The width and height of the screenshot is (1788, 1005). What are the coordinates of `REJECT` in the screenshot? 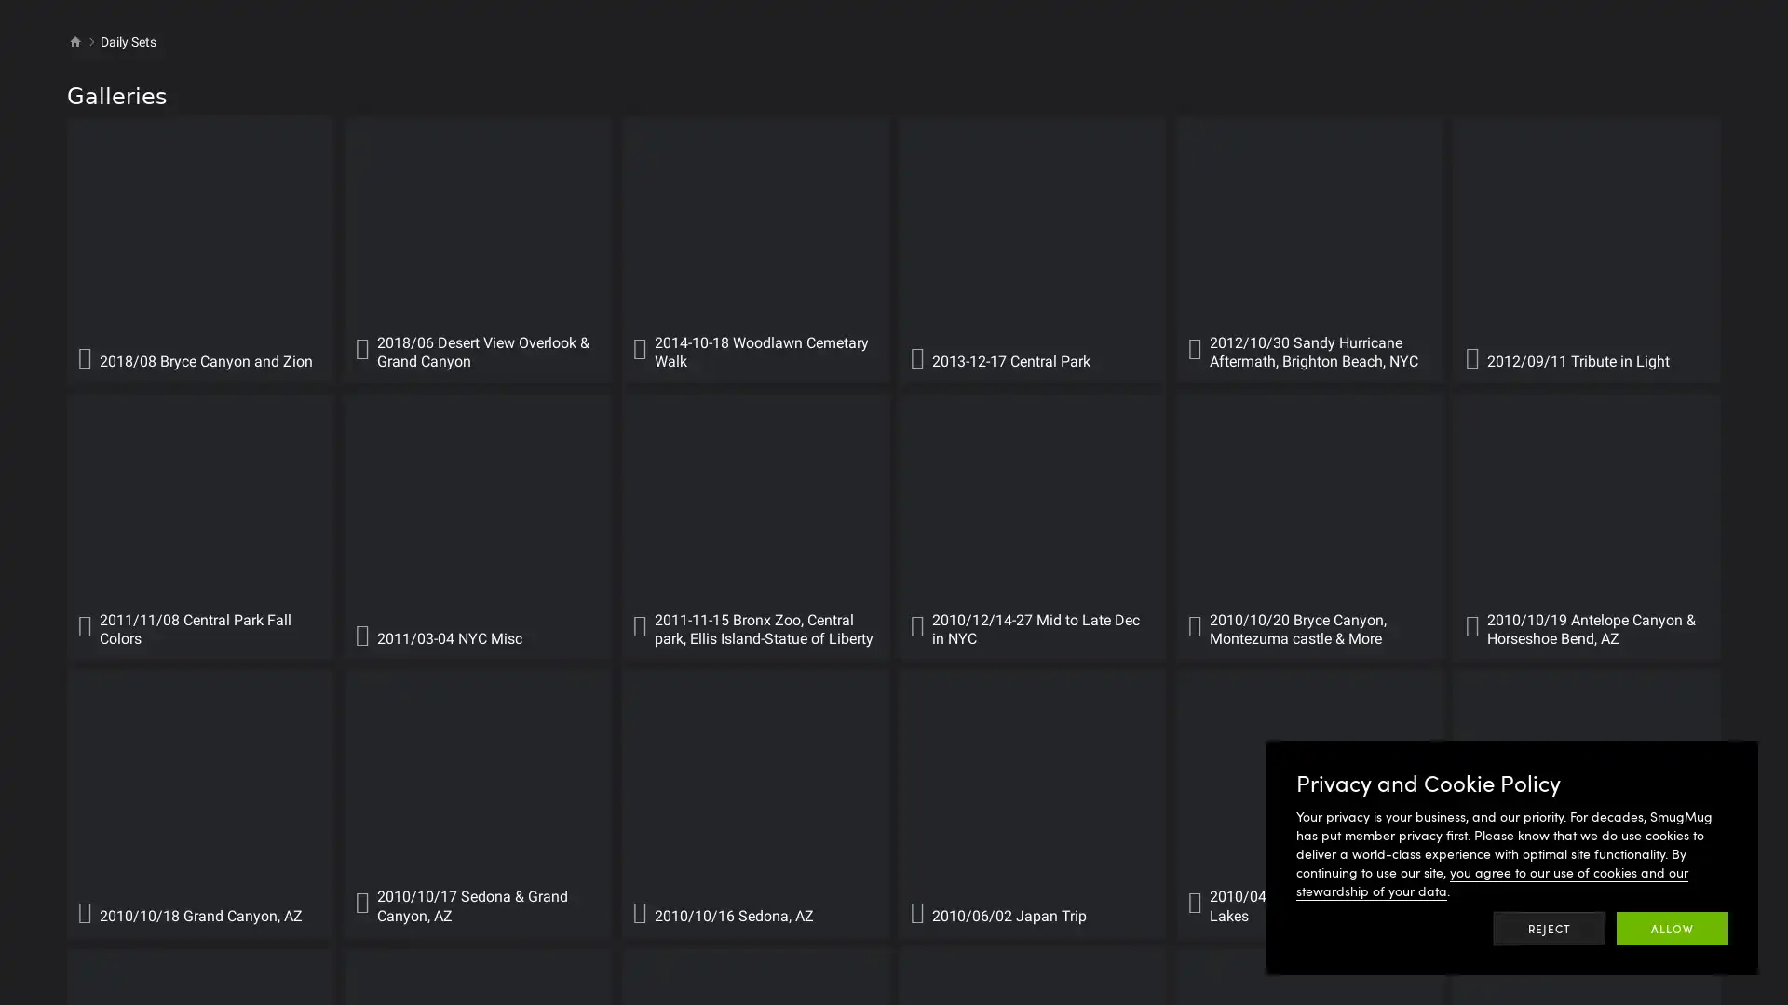 It's located at (1550, 929).